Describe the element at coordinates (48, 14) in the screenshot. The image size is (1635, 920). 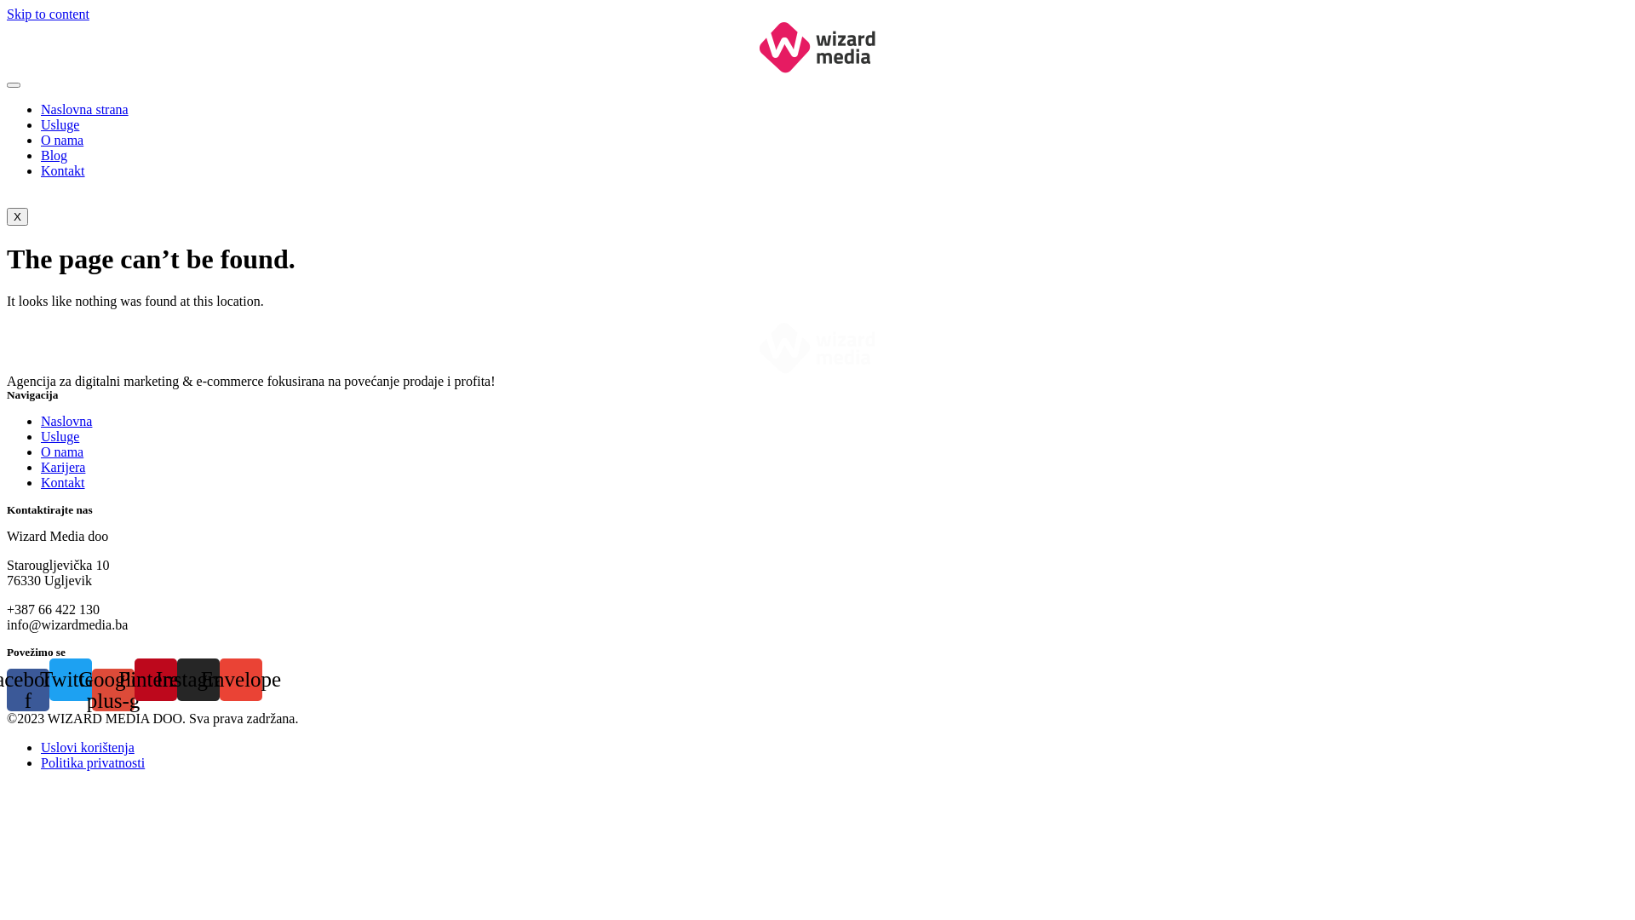
I see `'Skip to content'` at that location.